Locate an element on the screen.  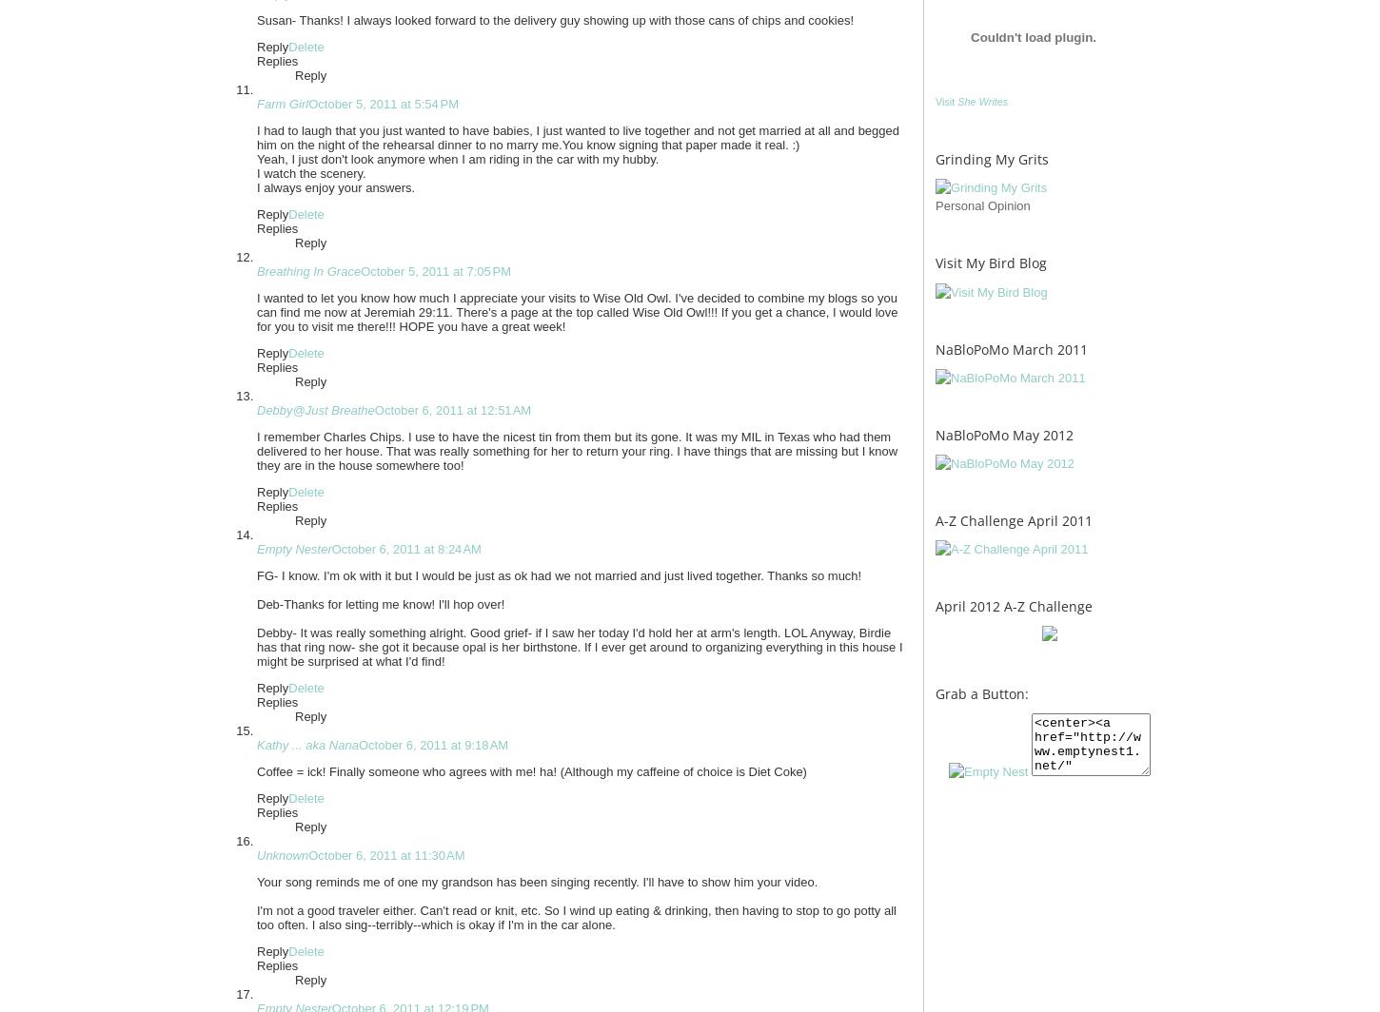
'Grab a Button:' is located at coordinates (981, 692).